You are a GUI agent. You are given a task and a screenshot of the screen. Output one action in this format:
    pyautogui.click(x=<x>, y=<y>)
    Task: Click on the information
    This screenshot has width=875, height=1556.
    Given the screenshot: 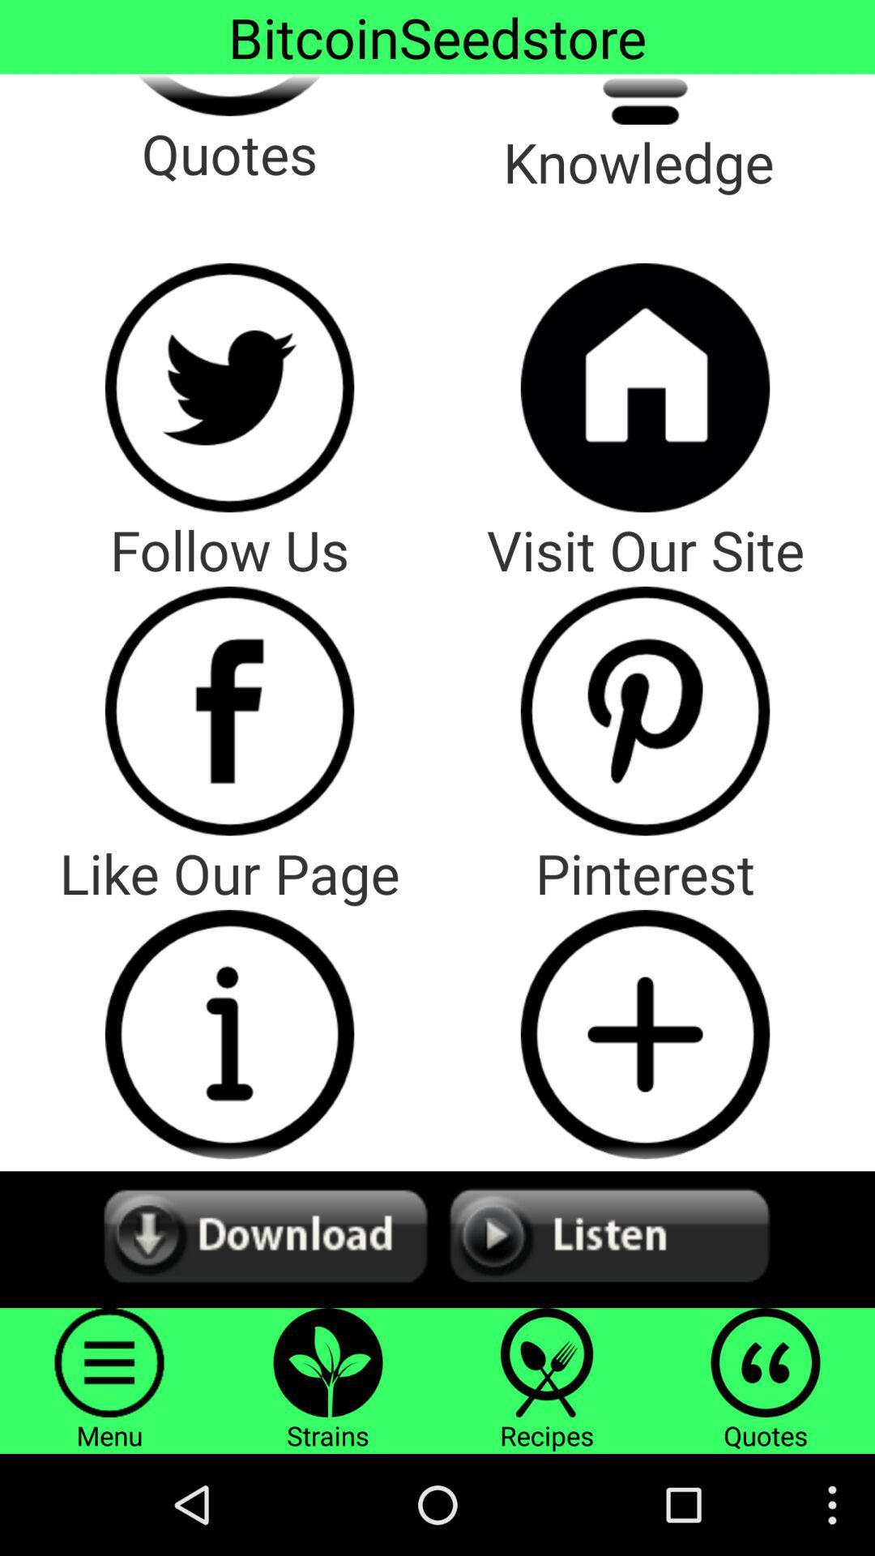 What is the action you would take?
    pyautogui.click(x=229, y=1033)
    